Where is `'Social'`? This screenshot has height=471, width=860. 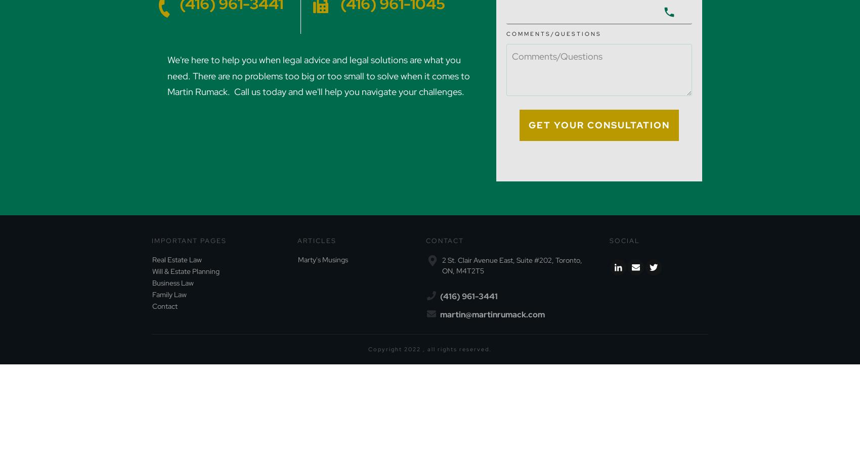
'Social' is located at coordinates (624, 240).